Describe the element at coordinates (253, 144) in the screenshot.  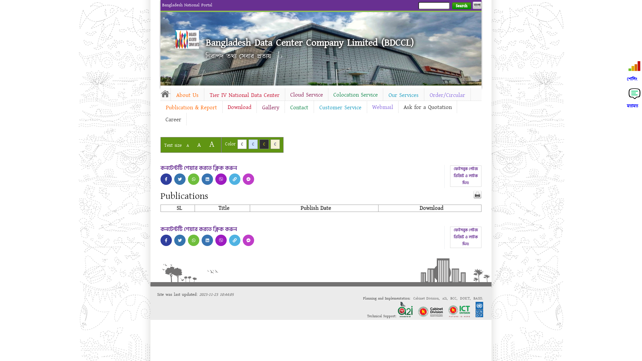
I see `'C'` at that location.